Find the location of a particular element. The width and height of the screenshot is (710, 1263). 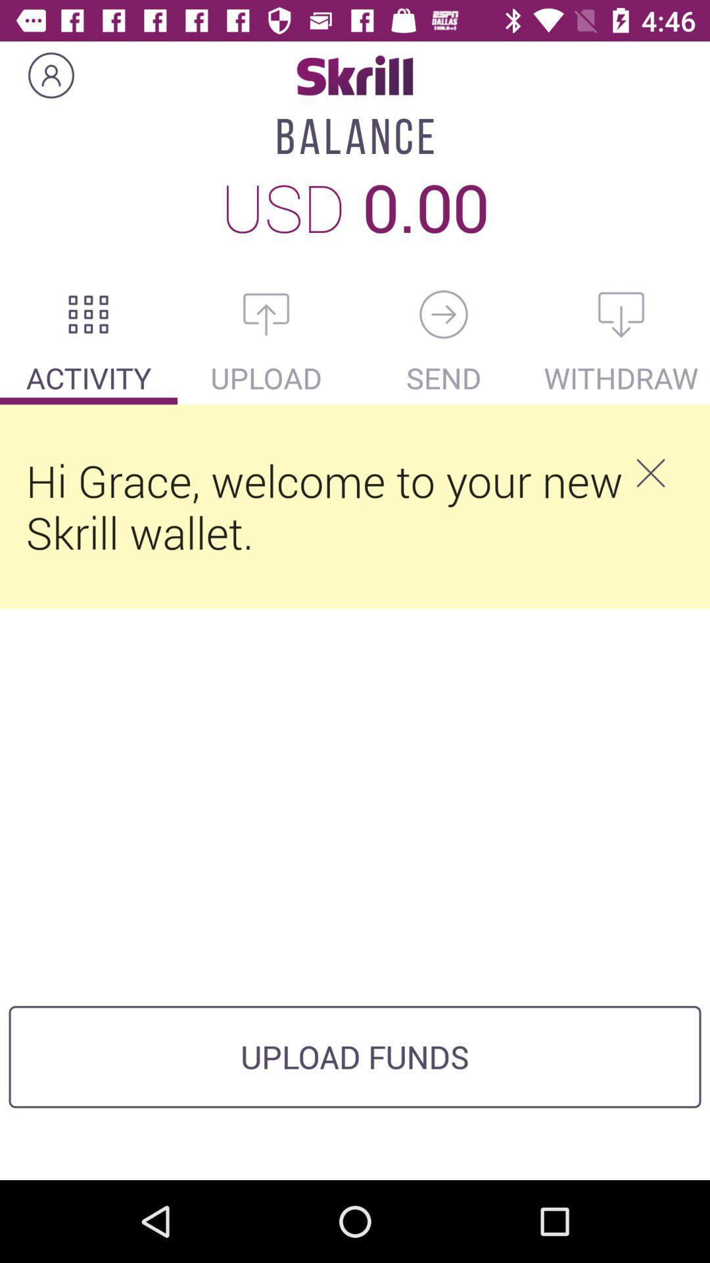

item above the activity is located at coordinates (89, 314).